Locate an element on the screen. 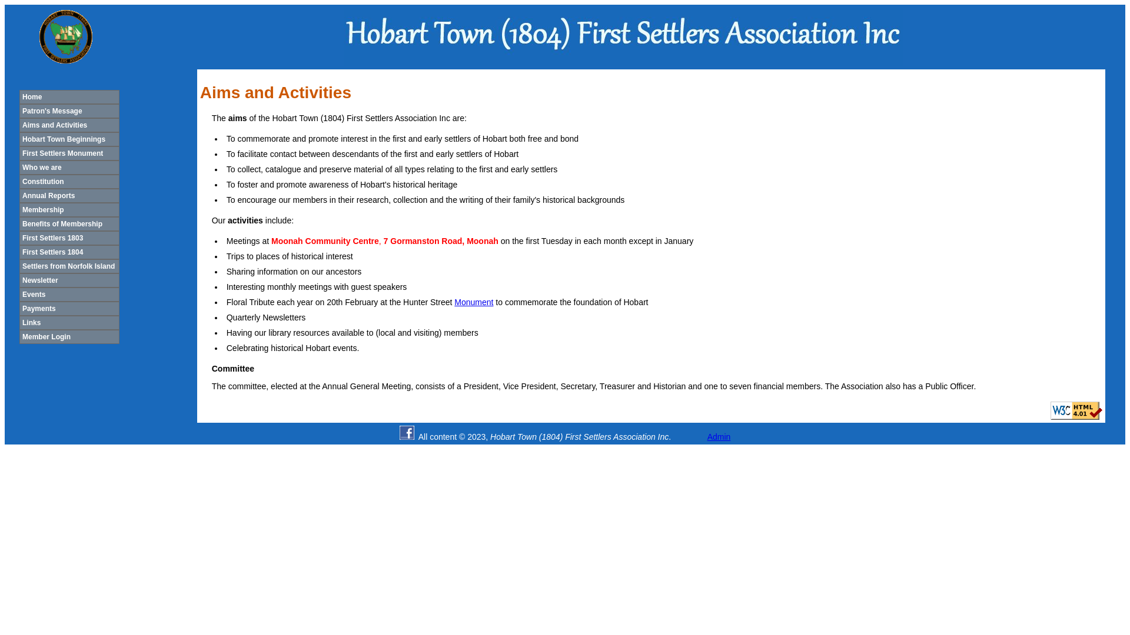 Image resolution: width=1130 pixels, height=635 pixels. 'First Settlers 1803' is located at coordinates (69, 238).